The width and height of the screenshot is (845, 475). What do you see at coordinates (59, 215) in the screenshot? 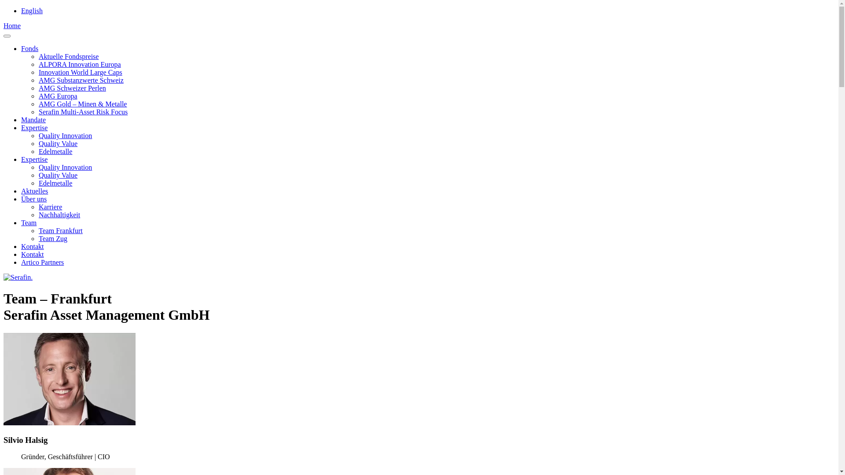
I see `'Nachhaltigkeit'` at bounding box center [59, 215].